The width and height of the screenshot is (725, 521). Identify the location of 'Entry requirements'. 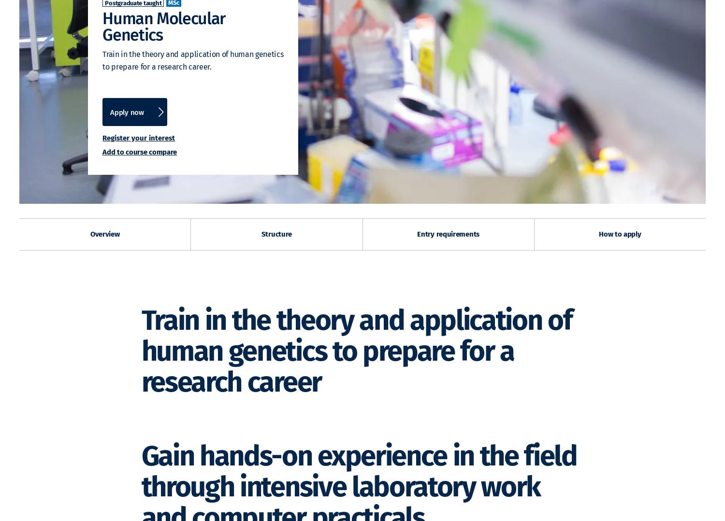
(448, 234).